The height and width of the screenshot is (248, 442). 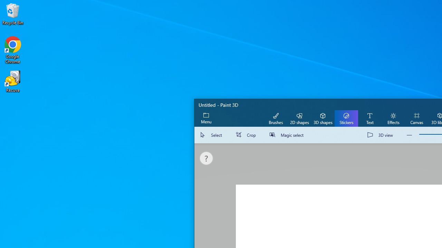 I want to click on 'Get some help', so click(x=206, y=158).